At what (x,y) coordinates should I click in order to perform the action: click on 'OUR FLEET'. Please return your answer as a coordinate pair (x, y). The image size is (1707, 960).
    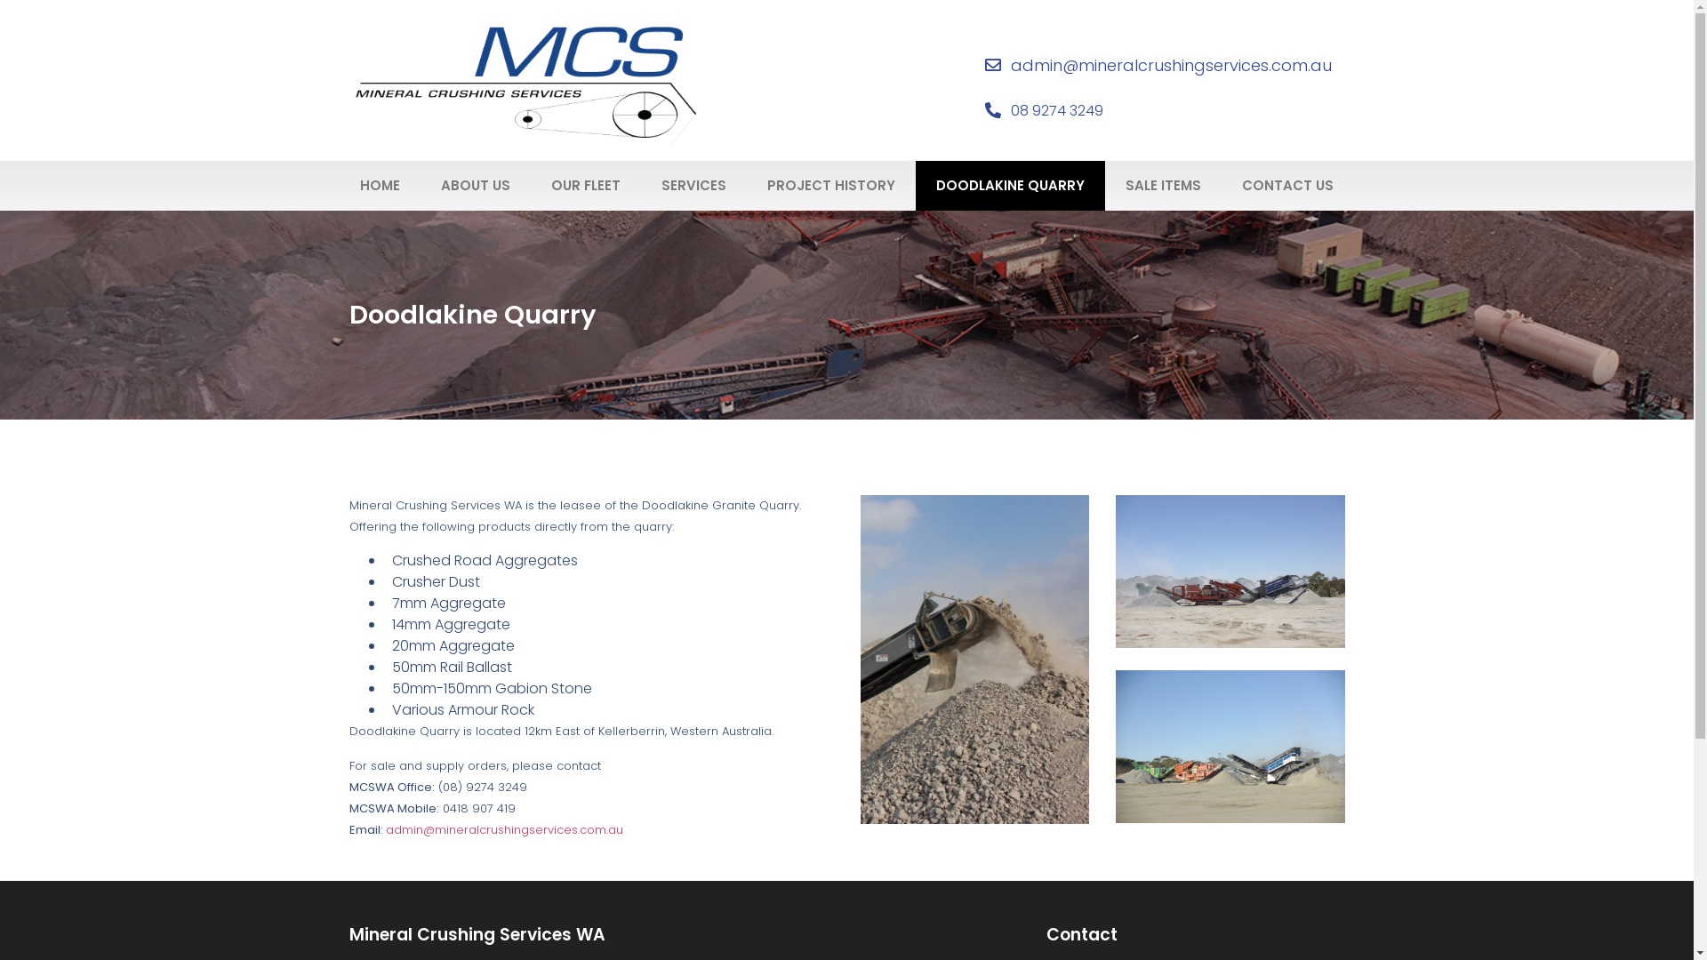
    Looking at the image, I should click on (529, 185).